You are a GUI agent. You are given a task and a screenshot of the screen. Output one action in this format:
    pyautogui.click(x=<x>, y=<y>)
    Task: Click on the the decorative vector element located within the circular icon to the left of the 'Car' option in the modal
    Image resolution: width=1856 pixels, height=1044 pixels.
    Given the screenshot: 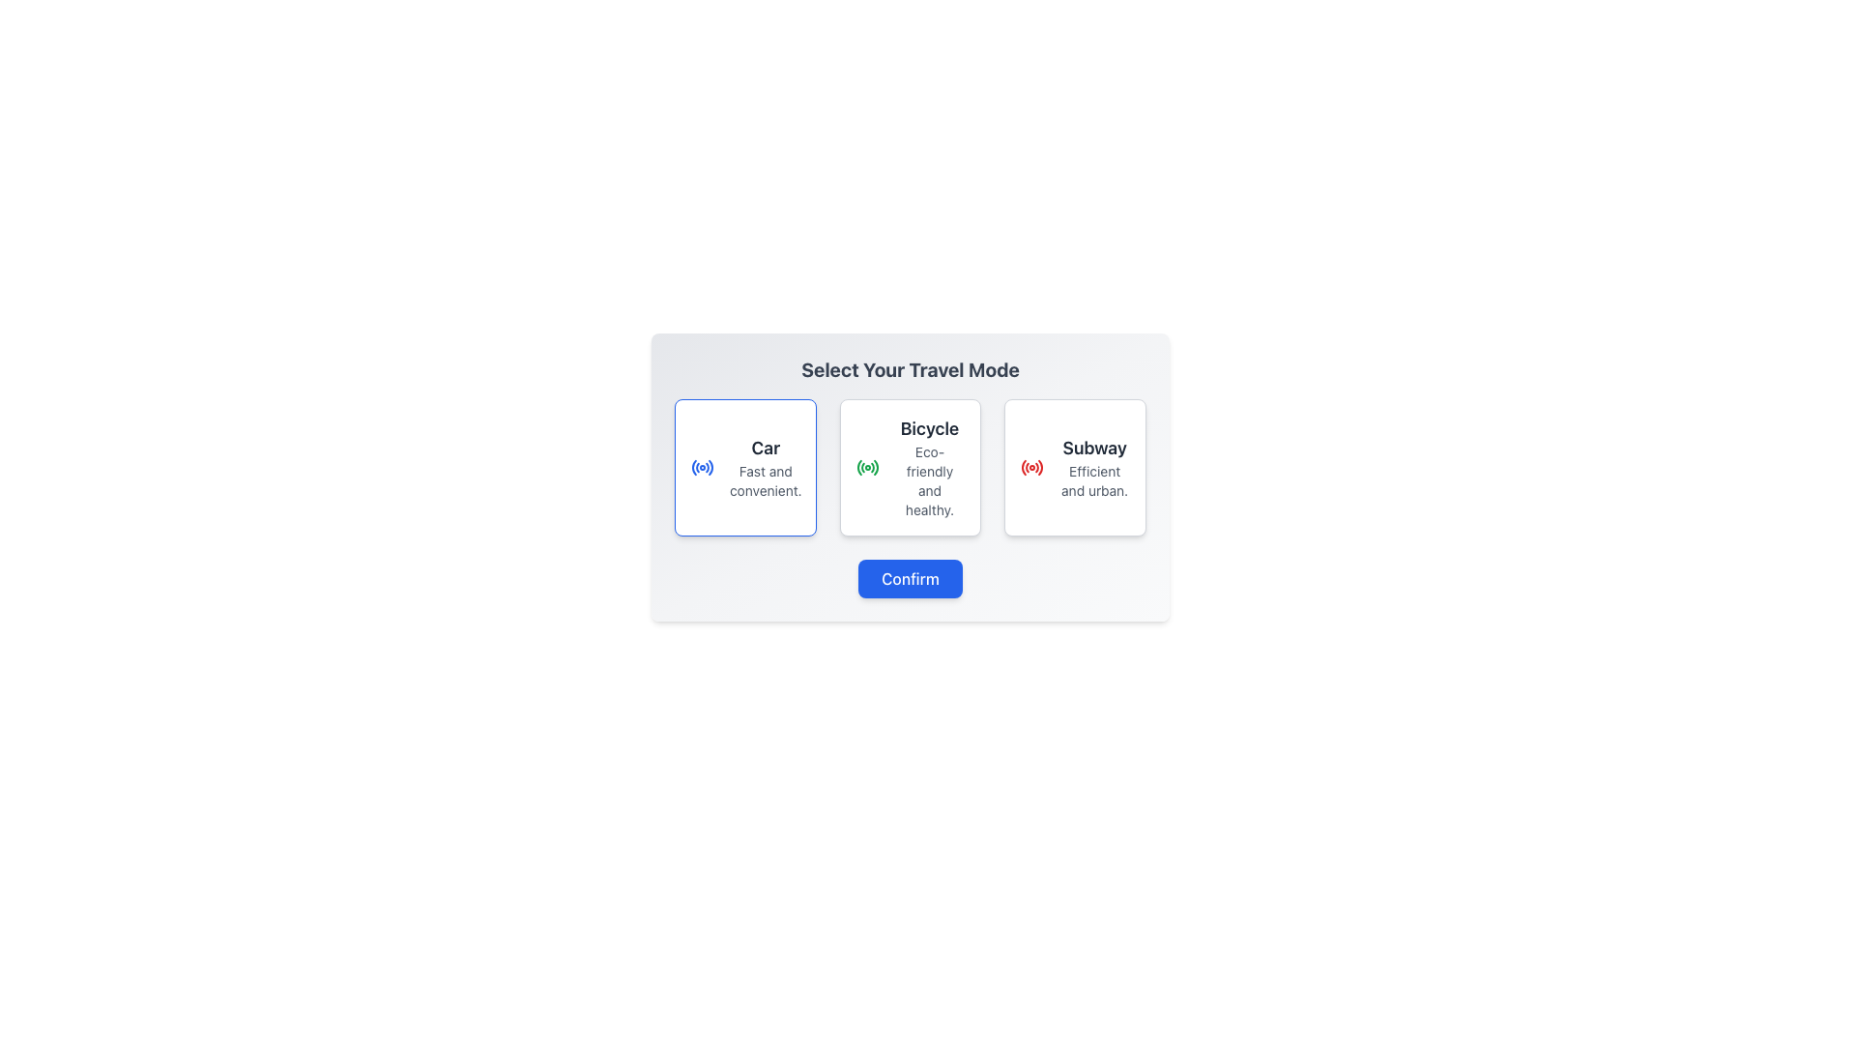 What is the action you would take?
    pyautogui.click(x=858, y=467)
    